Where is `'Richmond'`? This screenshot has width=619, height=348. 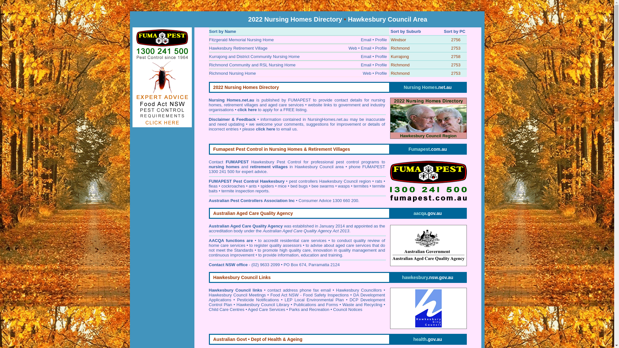 'Richmond' is located at coordinates (400, 48).